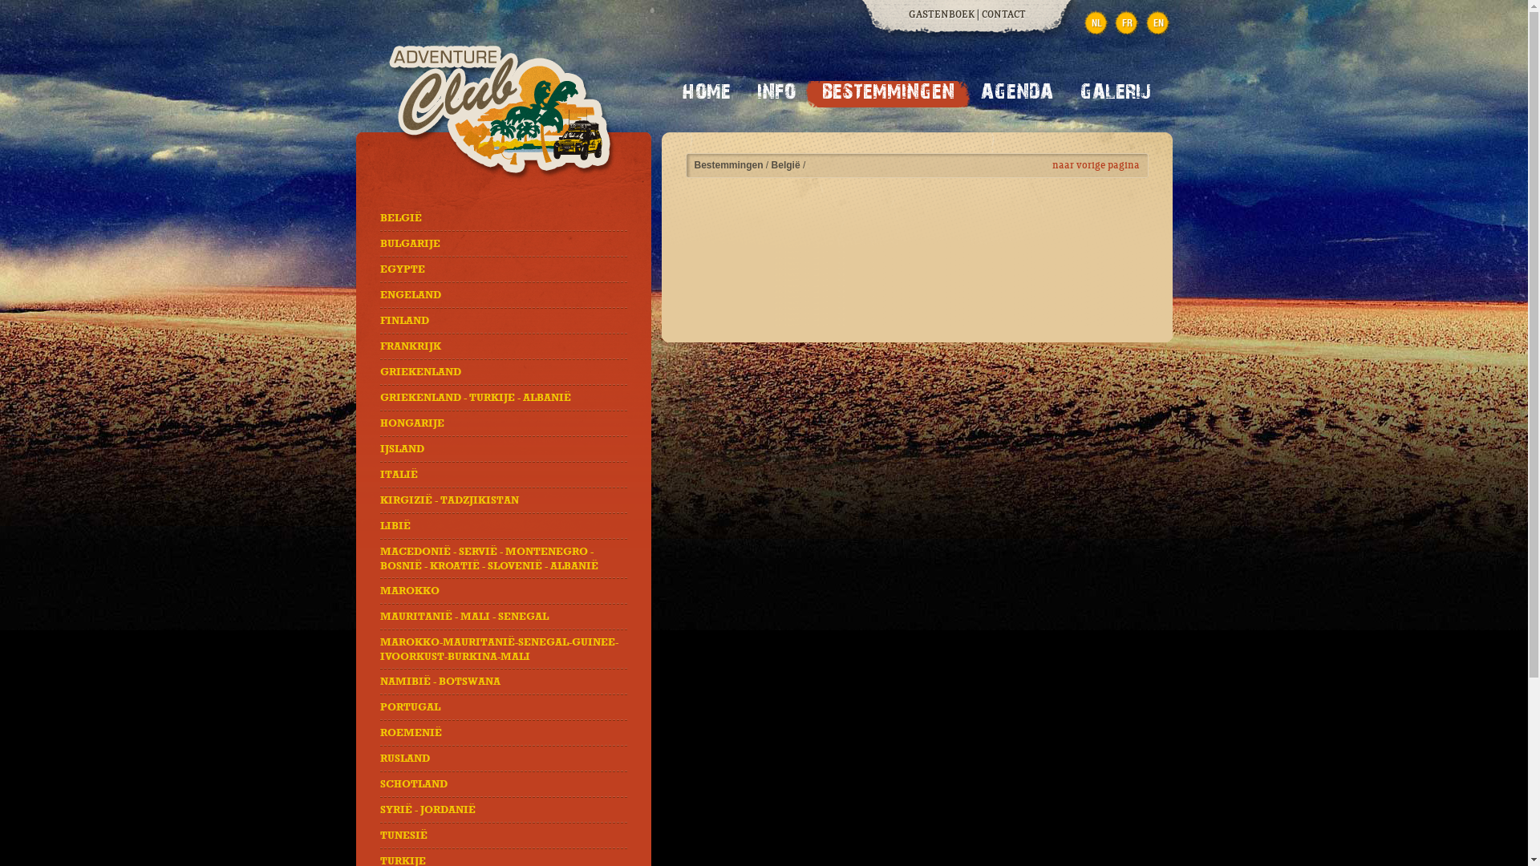  Describe the element at coordinates (402, 448) in the screenshot. I see `'IJSLAND'` at that location.